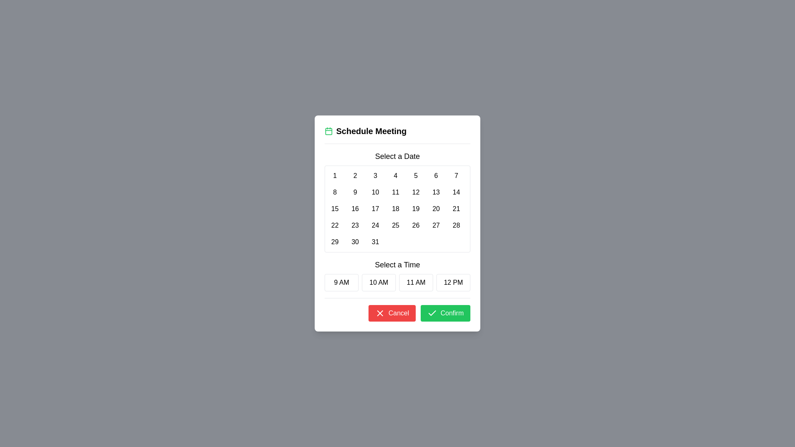  Describe the element at coordinates (436, 175) in the screenshot. I see `the button representing the 6th day of the month in the calendar` at that location.